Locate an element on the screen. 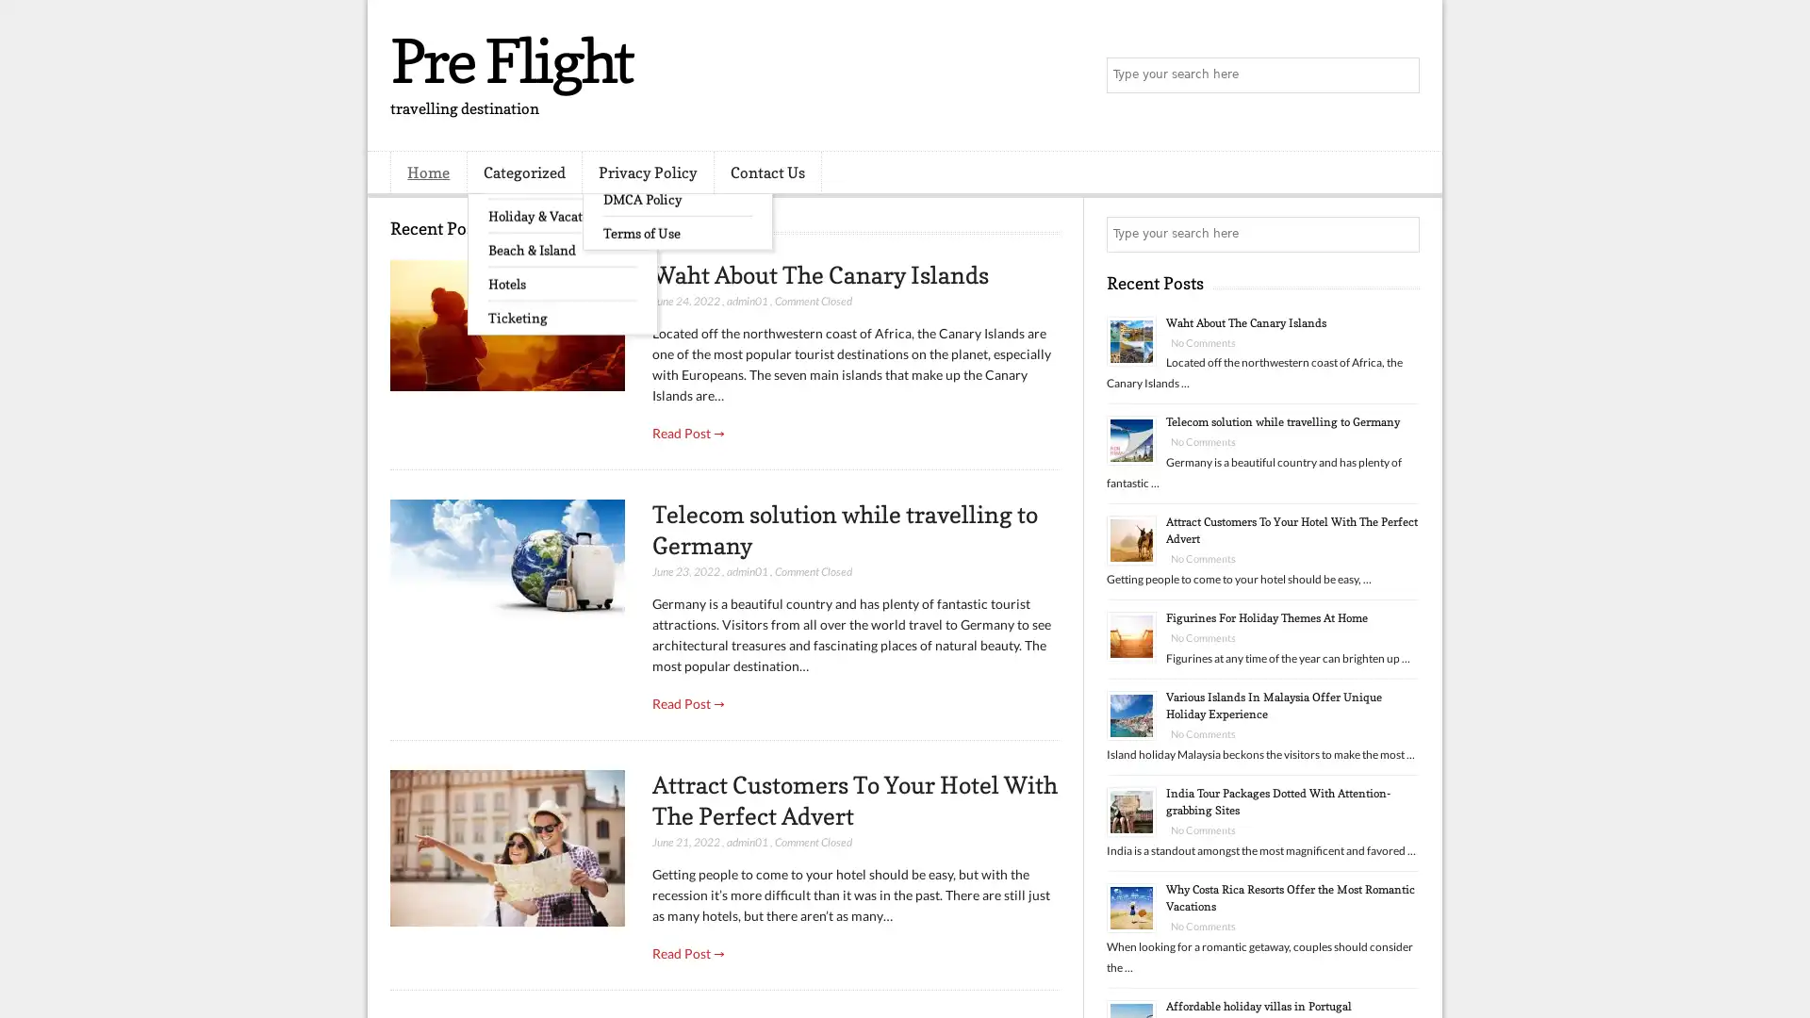 Image resolution: width=1810 pixels, height=1018 pixels. Search is located at coordinates (1400, 234).